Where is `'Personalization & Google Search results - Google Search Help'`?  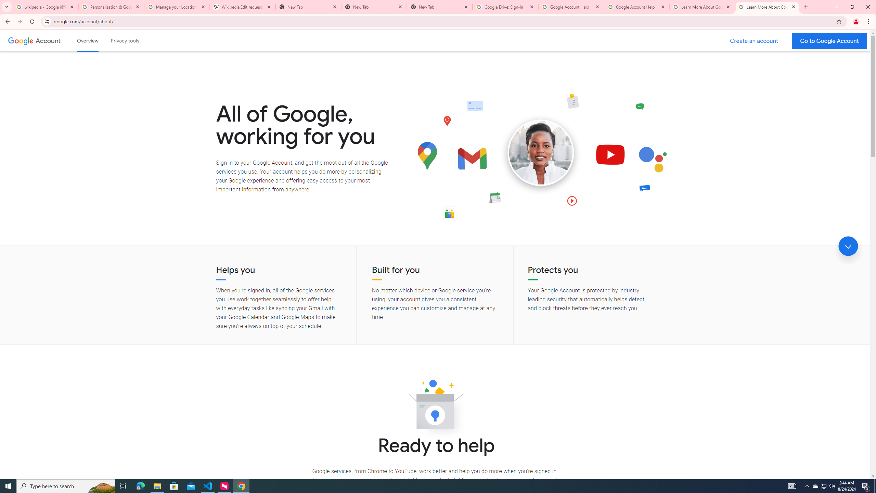
'Personalization & Google Search results - Google Search Help' is located at coordinates (111, 7).